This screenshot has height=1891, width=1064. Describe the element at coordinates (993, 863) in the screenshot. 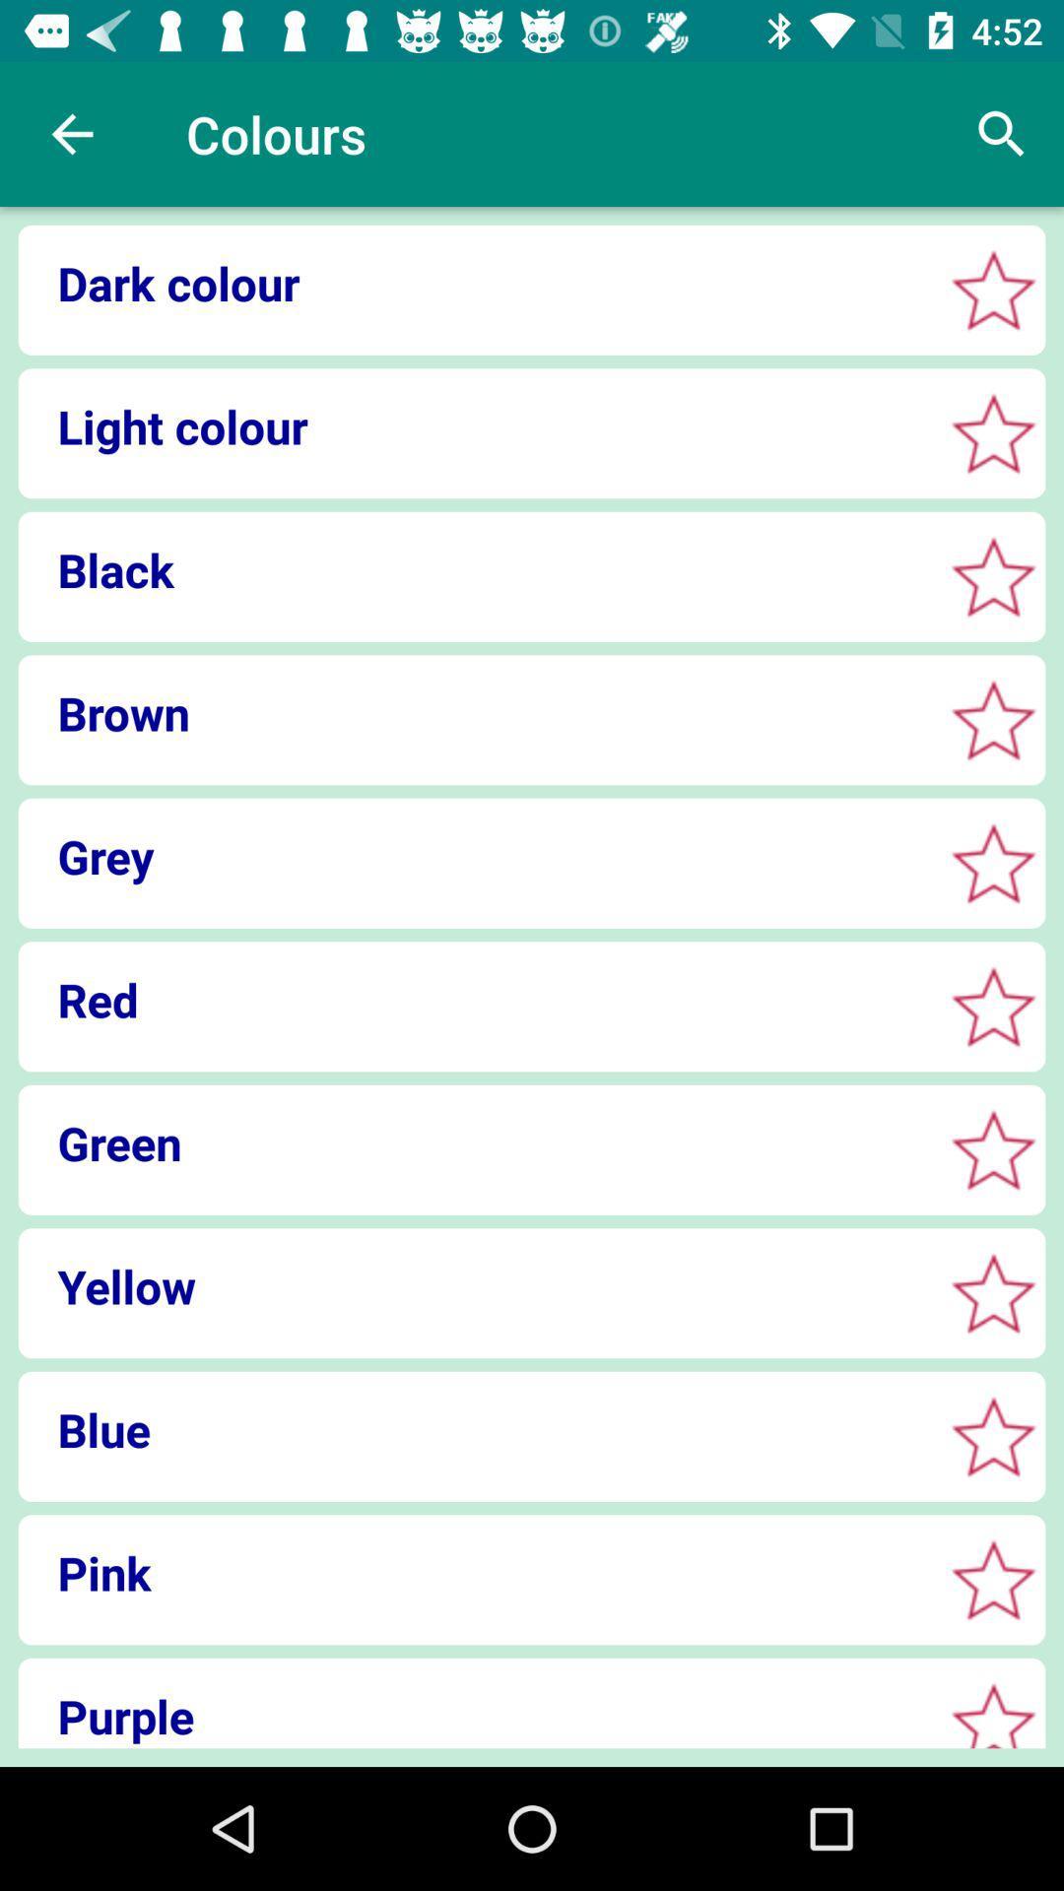

I see `grey review button` at that location.